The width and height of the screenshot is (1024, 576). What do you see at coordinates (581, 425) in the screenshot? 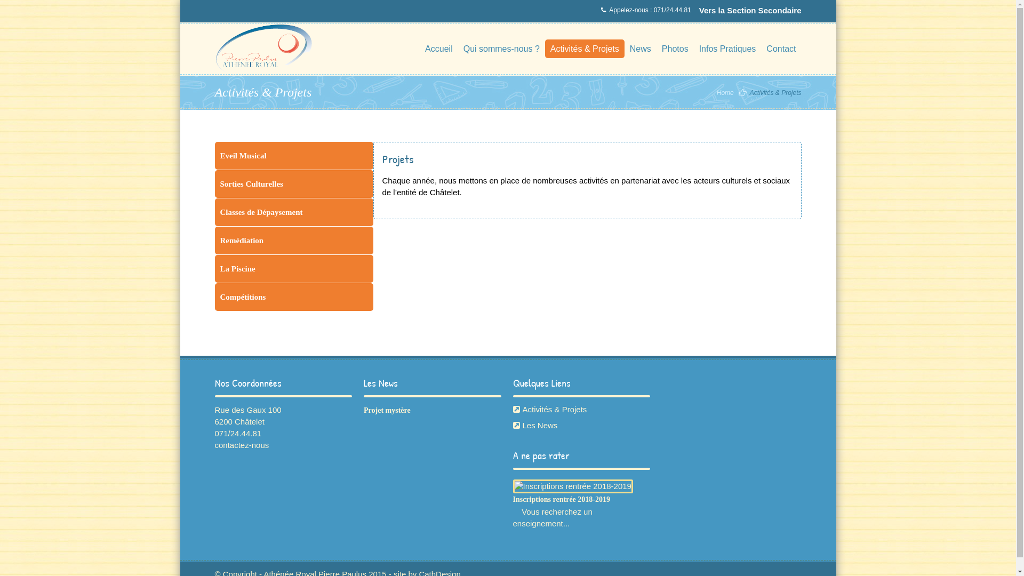
I see `'Les News'` at bounding box center [581, 425].